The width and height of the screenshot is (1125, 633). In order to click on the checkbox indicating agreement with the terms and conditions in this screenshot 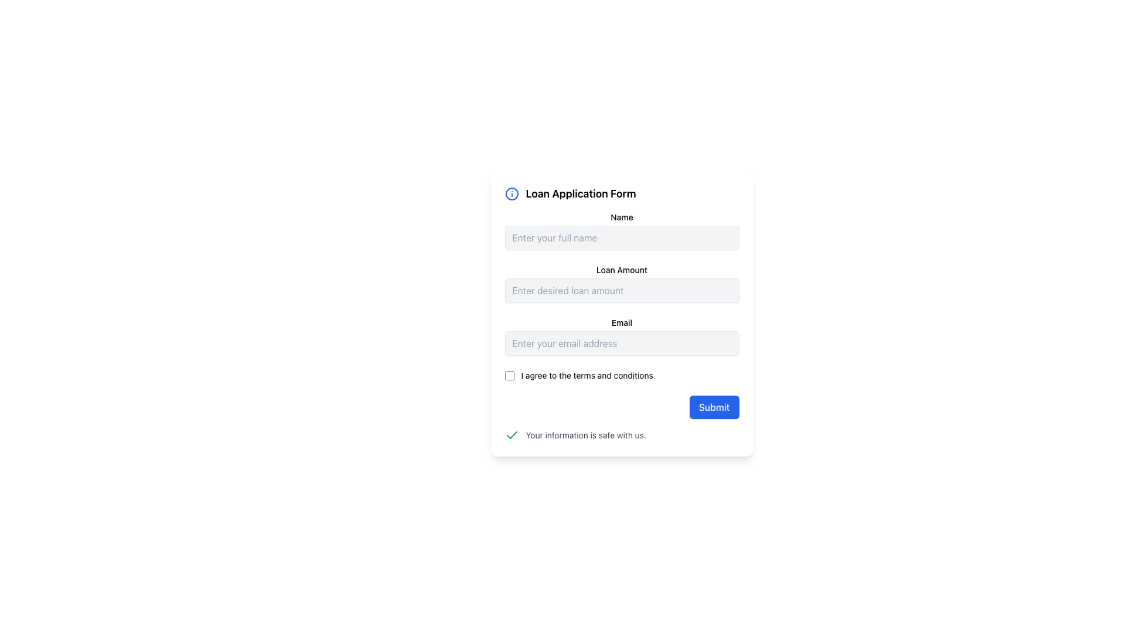, I will do `click(509, 375)`.